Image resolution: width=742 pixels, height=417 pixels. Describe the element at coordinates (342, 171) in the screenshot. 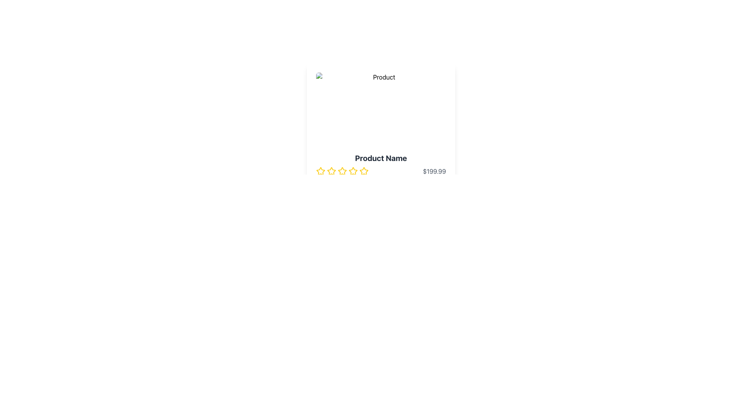

I see `the second yellow outlined star icon in the rating component` at that location.